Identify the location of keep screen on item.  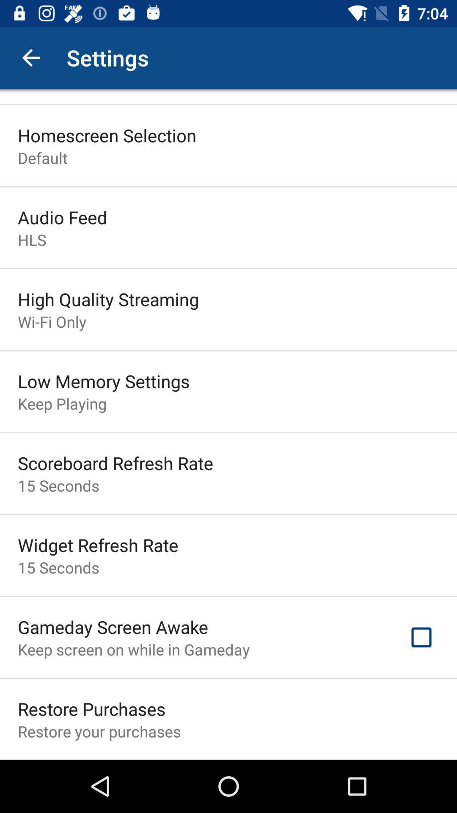
(133, 649).